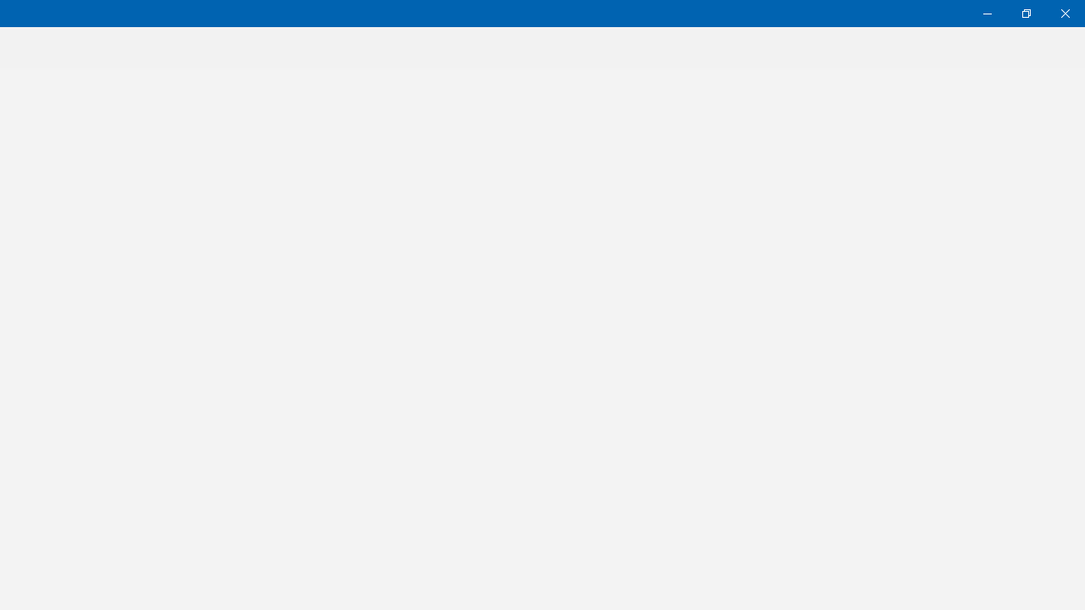 Image resolution: width=1085 pixels, height=610 pixels. I want to click on 'Minimize Weather', so click(987, 13).